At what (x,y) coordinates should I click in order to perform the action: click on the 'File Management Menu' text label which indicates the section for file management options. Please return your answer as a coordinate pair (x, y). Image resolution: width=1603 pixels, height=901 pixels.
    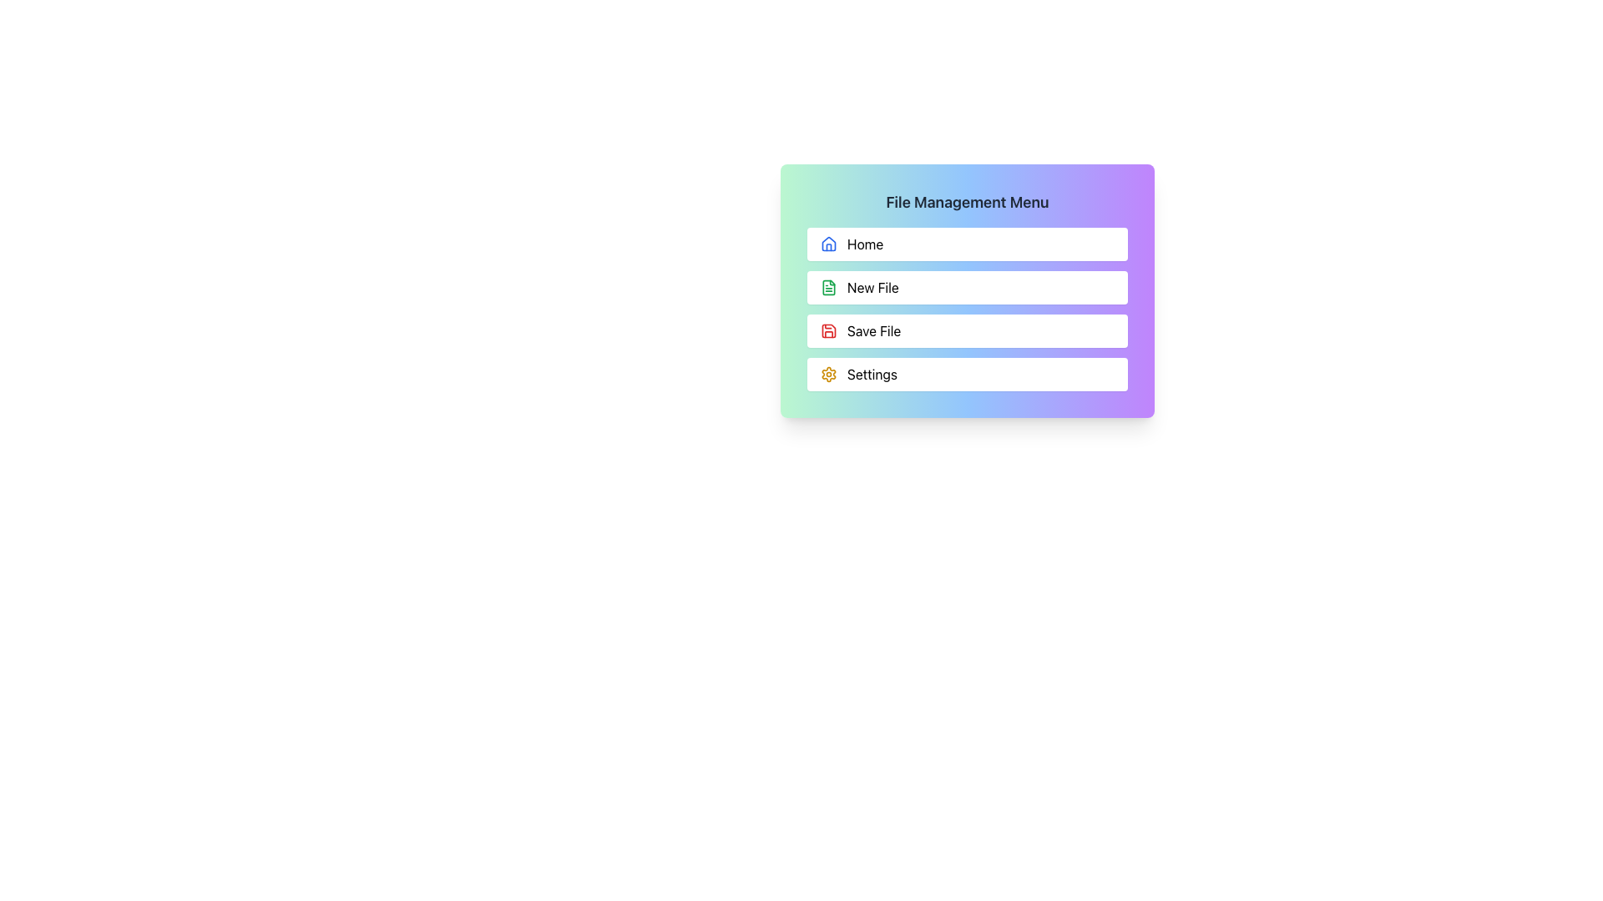
    Looking at the image, I should click on (967, 202).